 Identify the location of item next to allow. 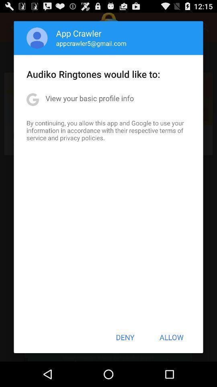
(125, 337).